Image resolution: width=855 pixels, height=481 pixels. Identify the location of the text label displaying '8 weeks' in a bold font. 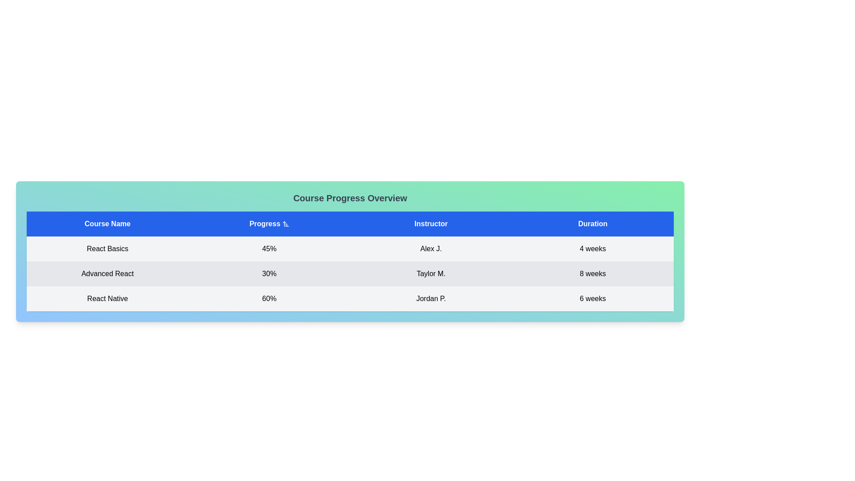
(593, 273).